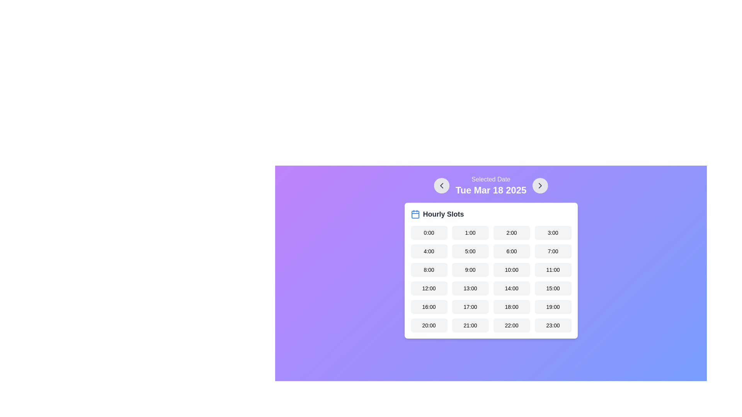 The height and width of the screenshot is (417, 742). What do you see at coordinates (552, 306) in the screenshot?
I see `the button that allows users to select the 19:00 time slot by navigating with the keyboard` at bounding box center [552, 306].